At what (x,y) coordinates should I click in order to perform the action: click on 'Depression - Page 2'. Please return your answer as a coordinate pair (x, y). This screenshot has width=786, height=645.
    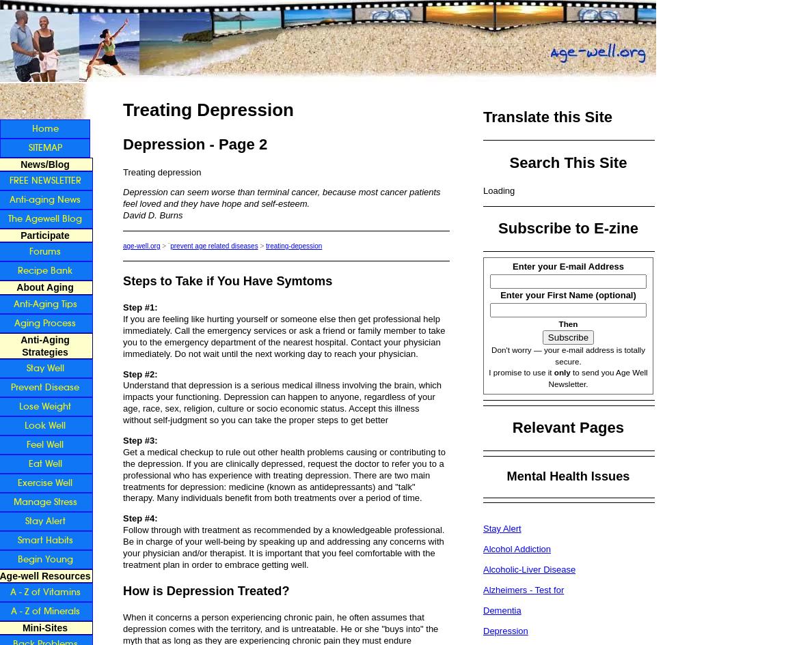
    Looking at the image, I should click on (194, 143).